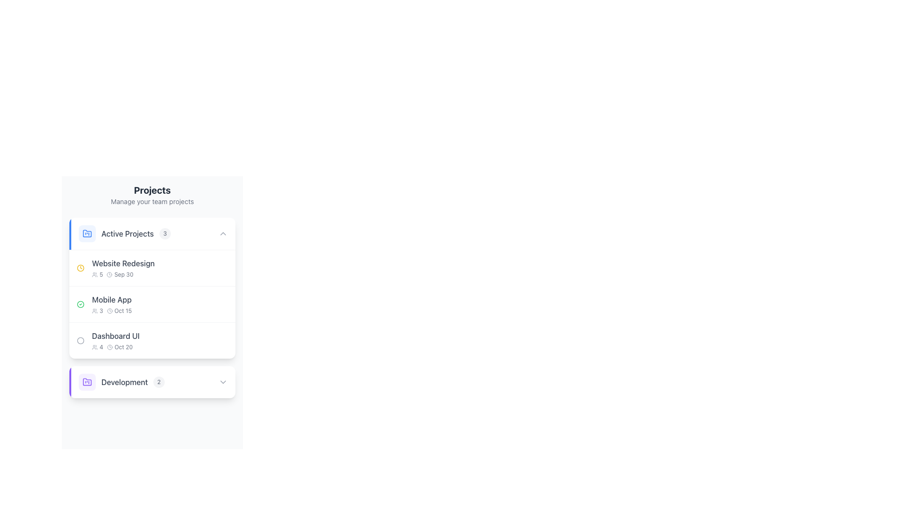 The width and height of the screenshot is (906, 509). What do you see at coordinates (97, 274) in the screenshot?
I see `the Text with an icon component, located to the left of the date 'Sep 30' in the 'Website Redesign' section, for accessibility reading` at bounding box center [97, 274].